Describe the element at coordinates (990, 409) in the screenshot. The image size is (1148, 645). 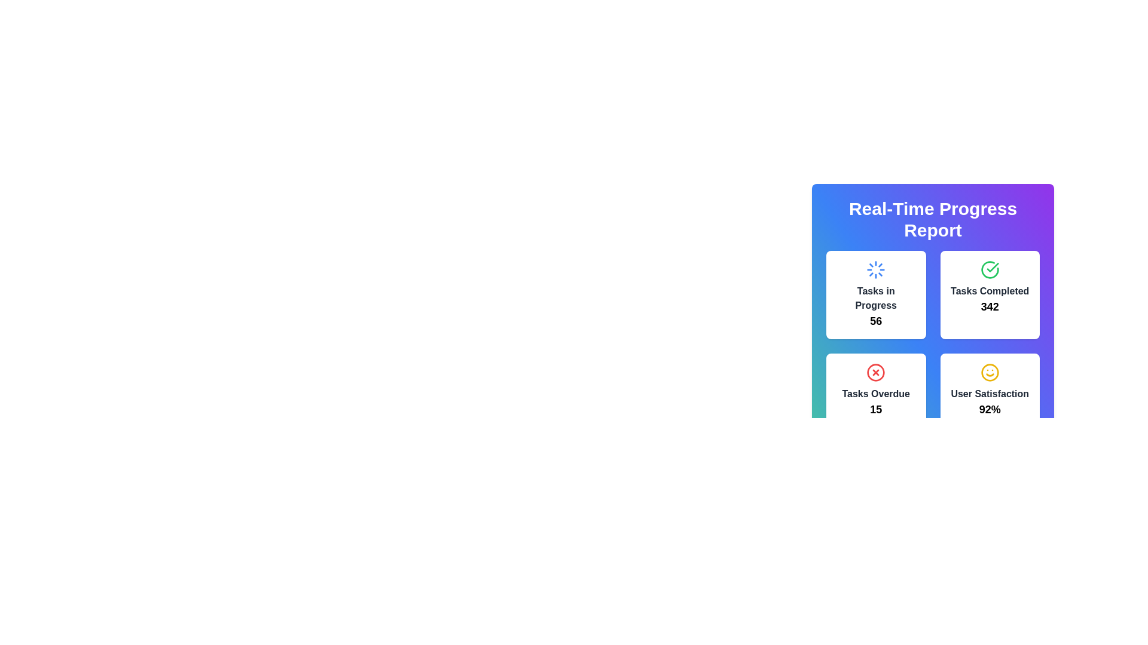
I see `the '92%' text indicating user satisfaction percentage located at the bottom of the bottom-right card in a 2x2 grid layout` at that location.